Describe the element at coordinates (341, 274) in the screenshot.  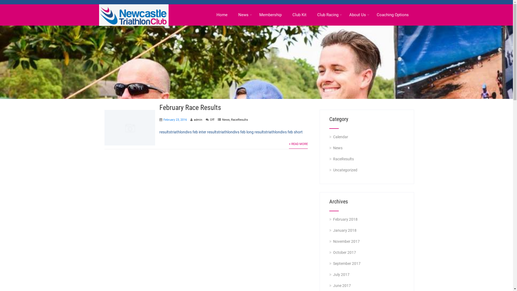
I see `'July 2017'` at that location.